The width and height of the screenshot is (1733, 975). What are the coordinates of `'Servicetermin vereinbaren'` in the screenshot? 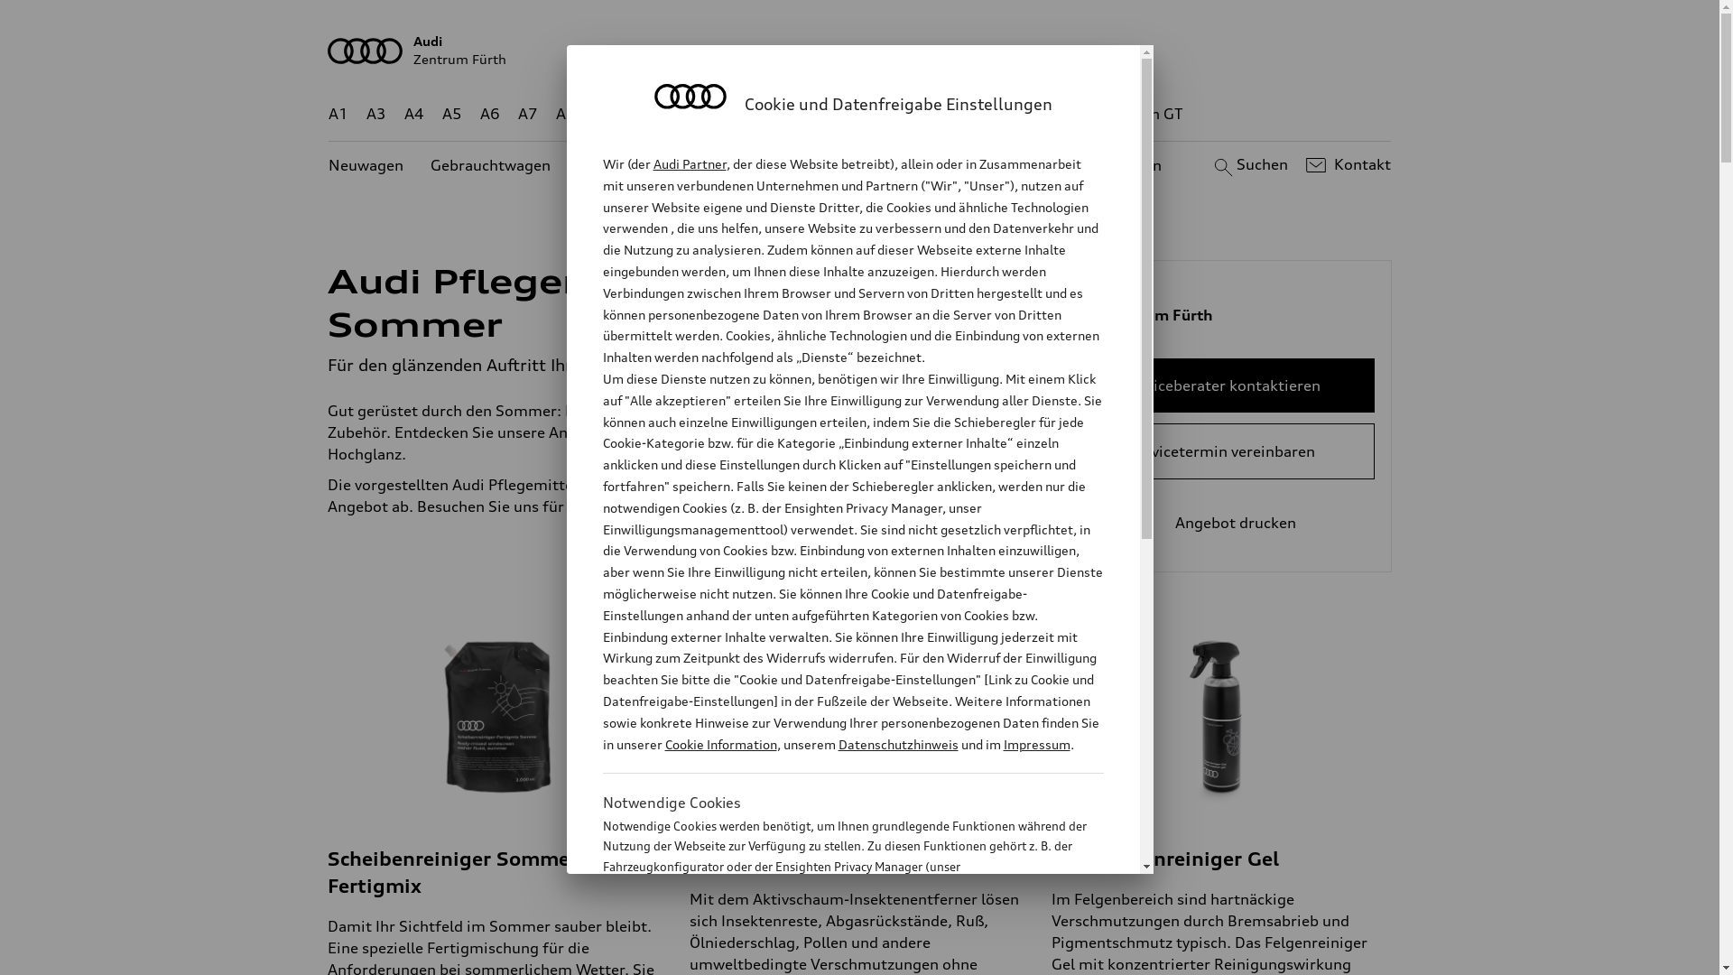 It's located at (1221, 450).